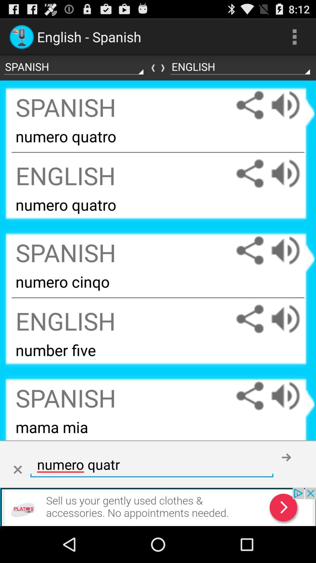 The image size is (316, 563). I want to click on open advertisement, so click(158, 506).